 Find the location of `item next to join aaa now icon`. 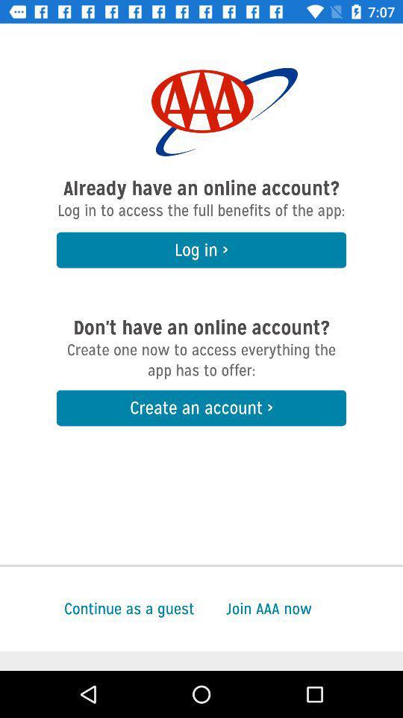

item next to join aaa now icon is located at coordinates (97, 609).